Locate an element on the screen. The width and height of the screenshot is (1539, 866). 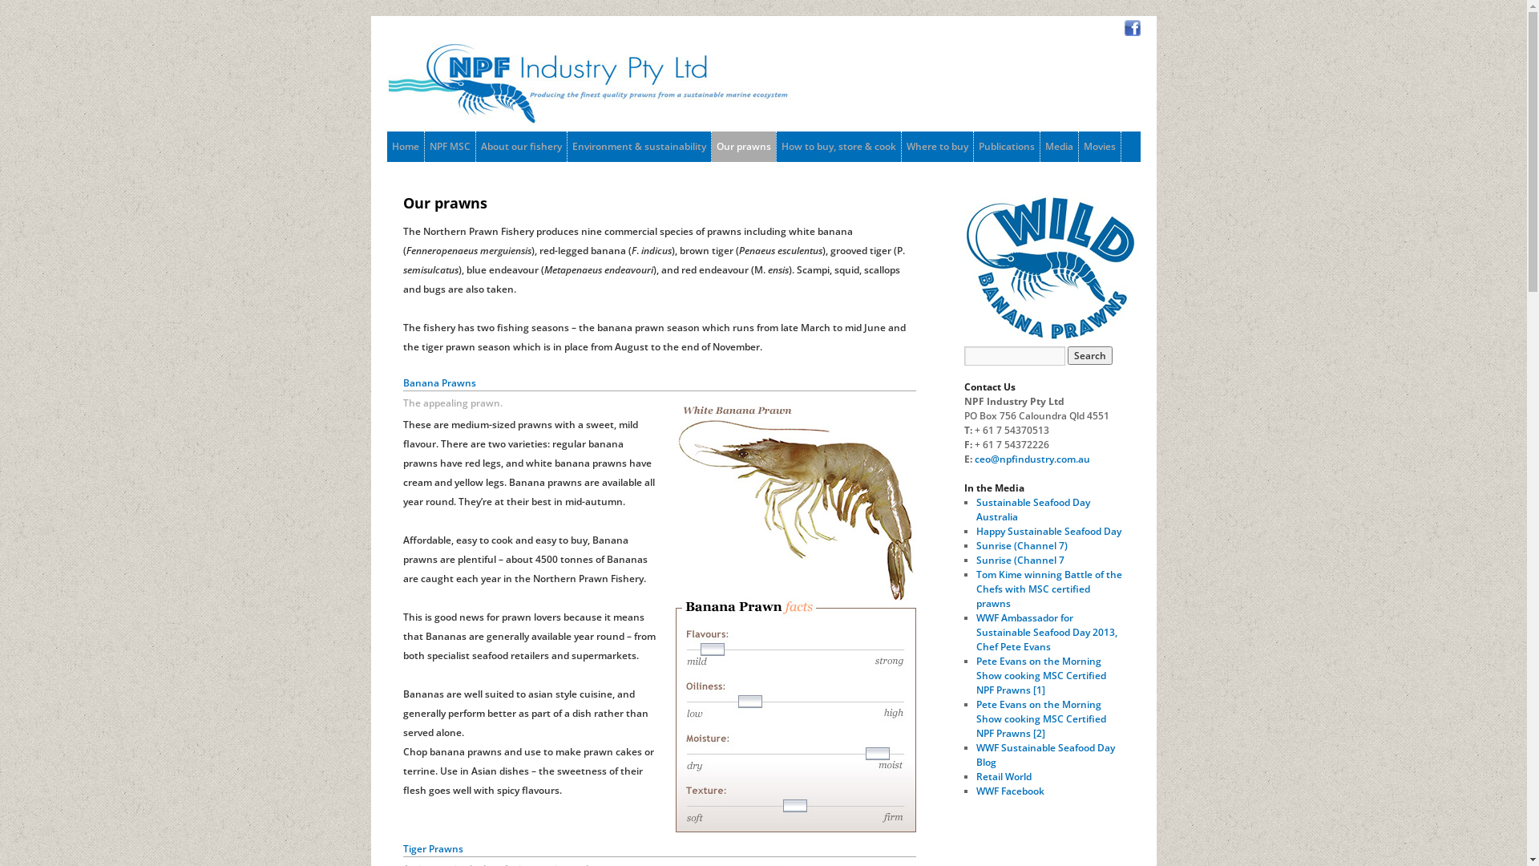
'NPF MSC' is located at coordinates (449, 146).